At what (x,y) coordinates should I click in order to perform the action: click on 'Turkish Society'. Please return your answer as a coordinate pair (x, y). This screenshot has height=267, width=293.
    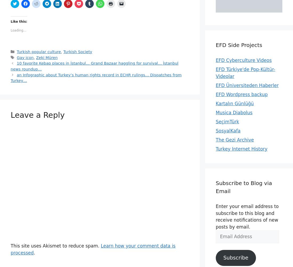
    Looking at the image, I should click on (77, 51).